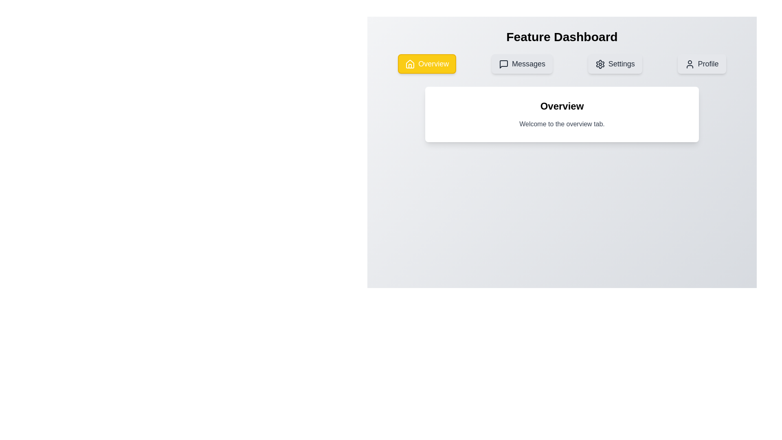 The image size is (782, 440). What do you see at coordinates (615, 64) in the screenshot?
I see `the Settings tab by clicking the corresponding navigation button` at bounding box center [615, 64].